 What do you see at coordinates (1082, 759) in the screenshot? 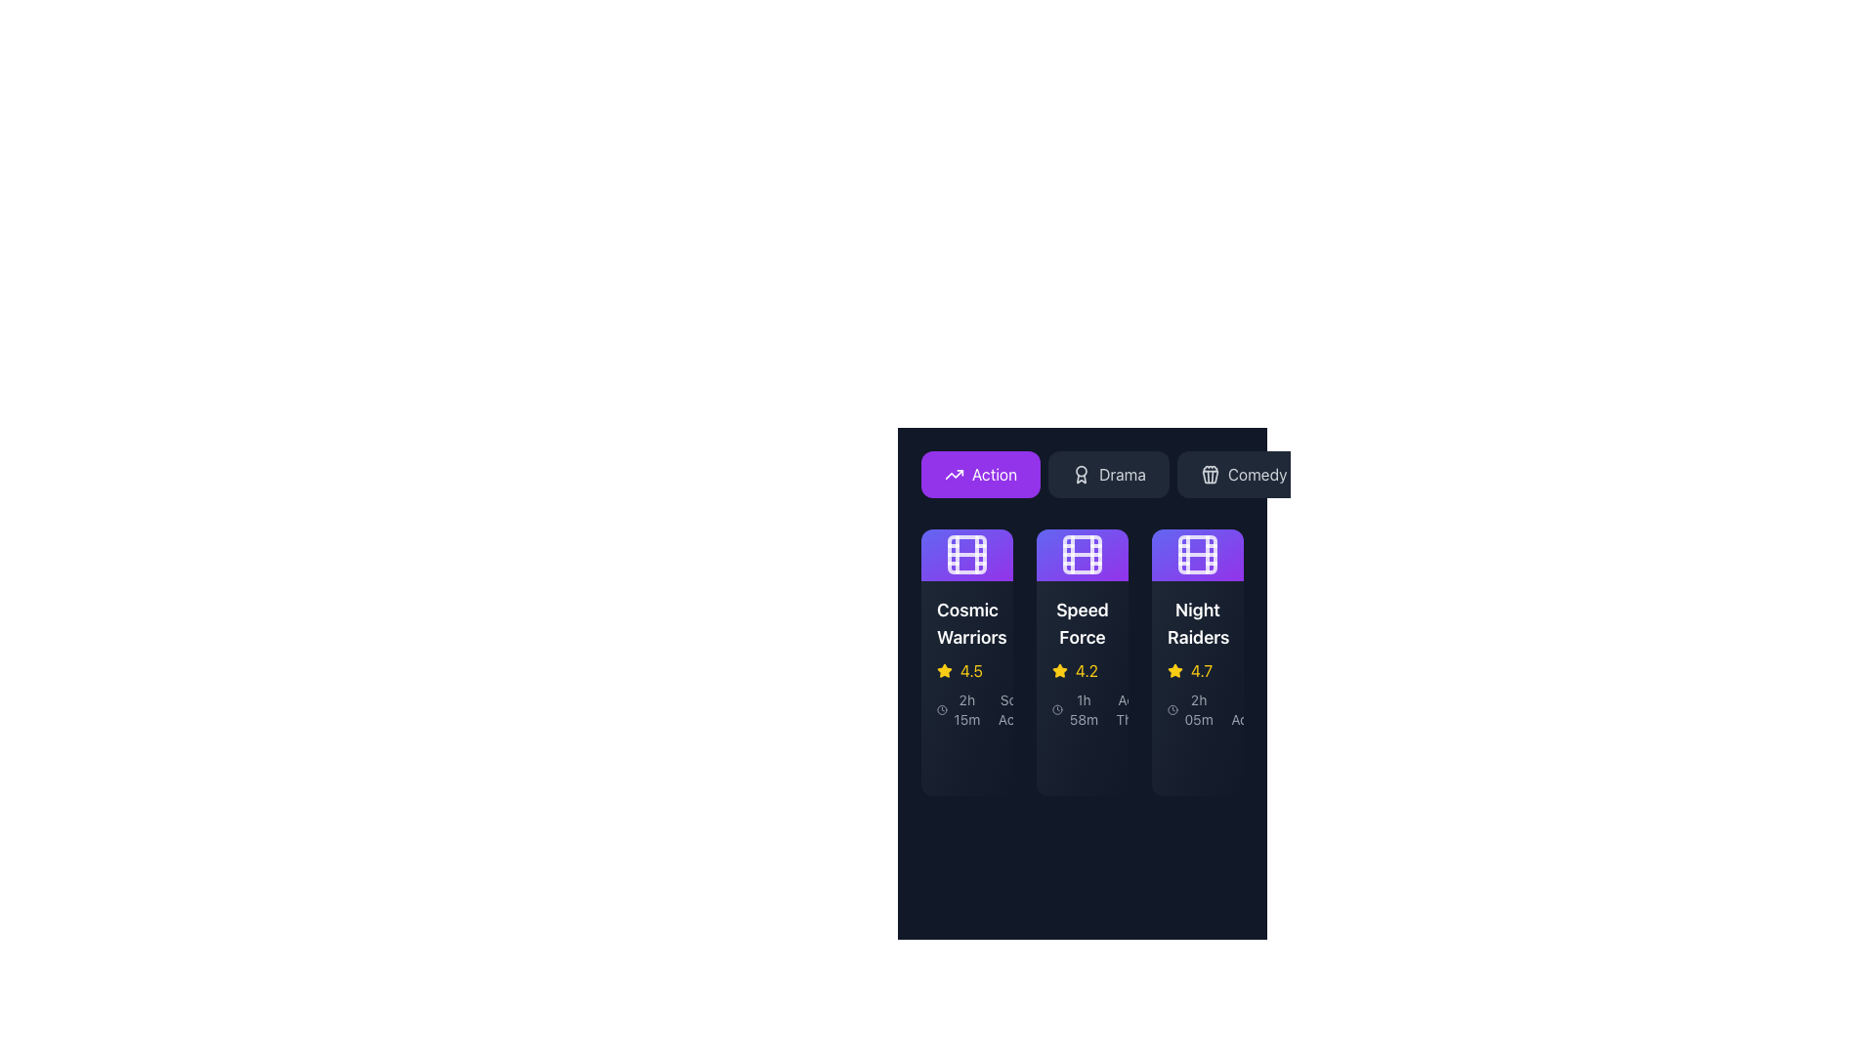
I see `the button located at the bottom center of the 'Speed Force' movie tile` at bounding box center [1082, 759].